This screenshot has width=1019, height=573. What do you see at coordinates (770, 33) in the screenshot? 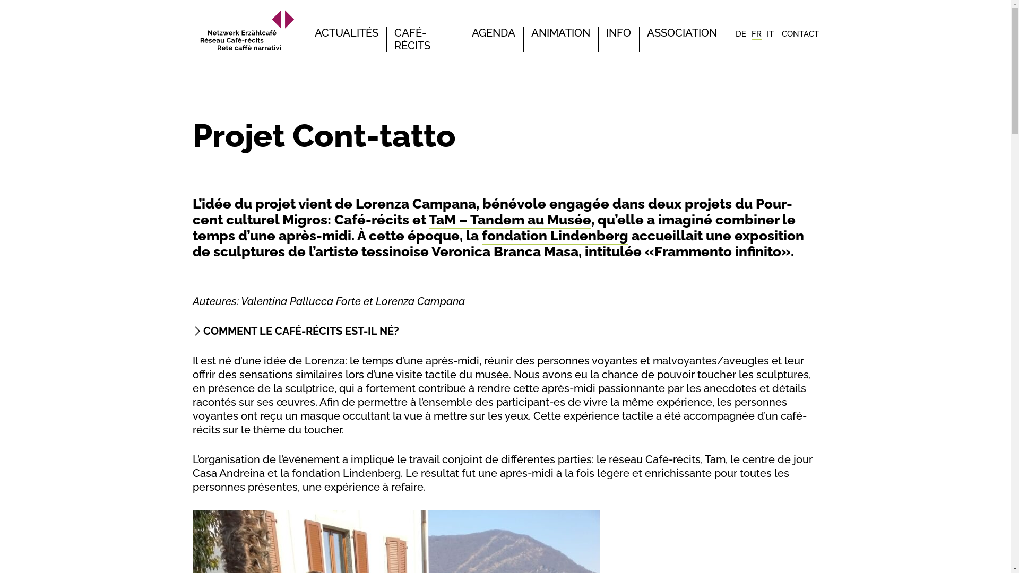
I see `'IT'` at bounding box center [770, 33].